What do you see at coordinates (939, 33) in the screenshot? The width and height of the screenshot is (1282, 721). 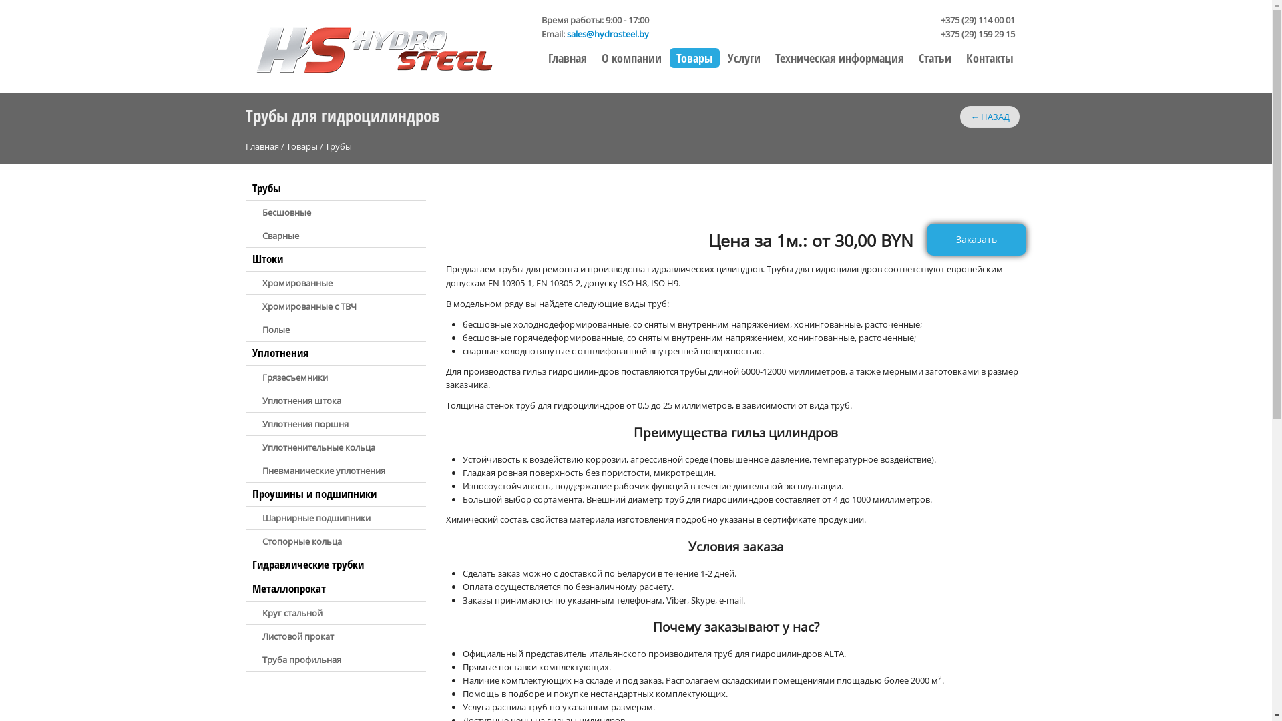 I see `'+375 (29) 159 29 15'` at bounding box center [939, 33].